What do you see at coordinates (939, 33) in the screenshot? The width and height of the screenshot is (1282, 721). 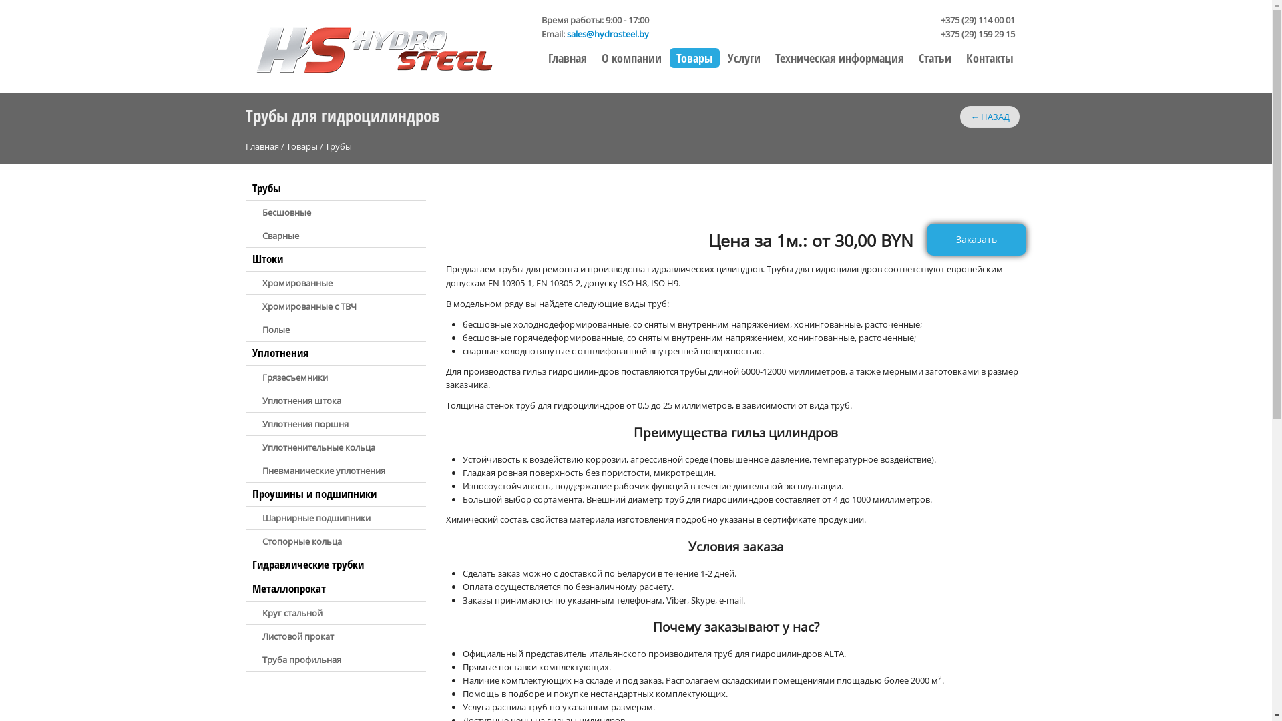 I see `'+375 (29) 159 29 15'` at bounding box center [939, 33].